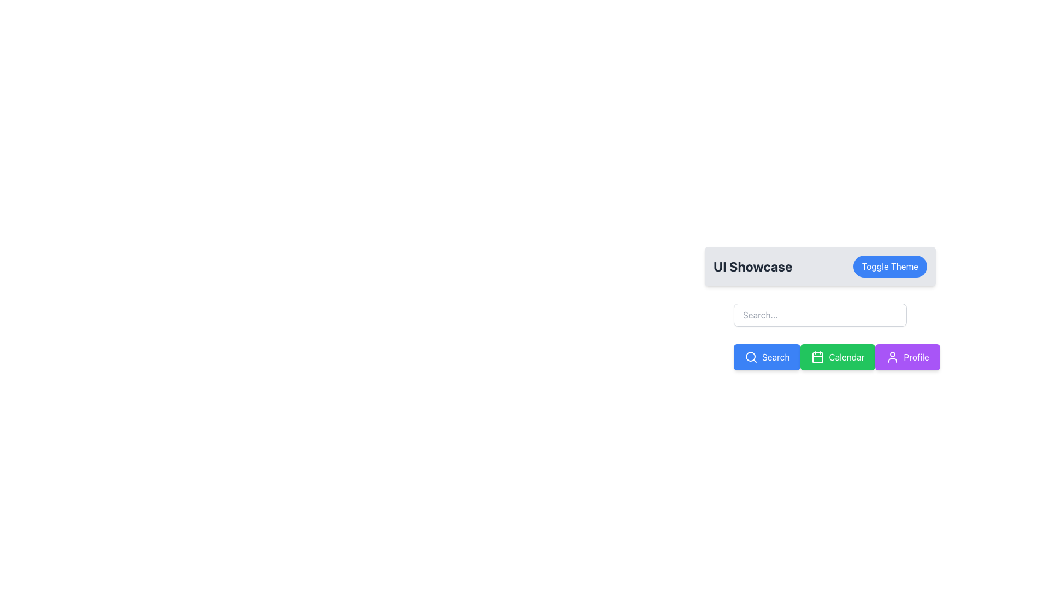 This screenshot has height=590, width=1049. Describe the element at coordinates (907, 357) in the screenshot. I see `the 'Profile' button, which is a rectangular button with rounded corners, purple background, and white text, located below the search bar in the UI Showcase section` at that location.